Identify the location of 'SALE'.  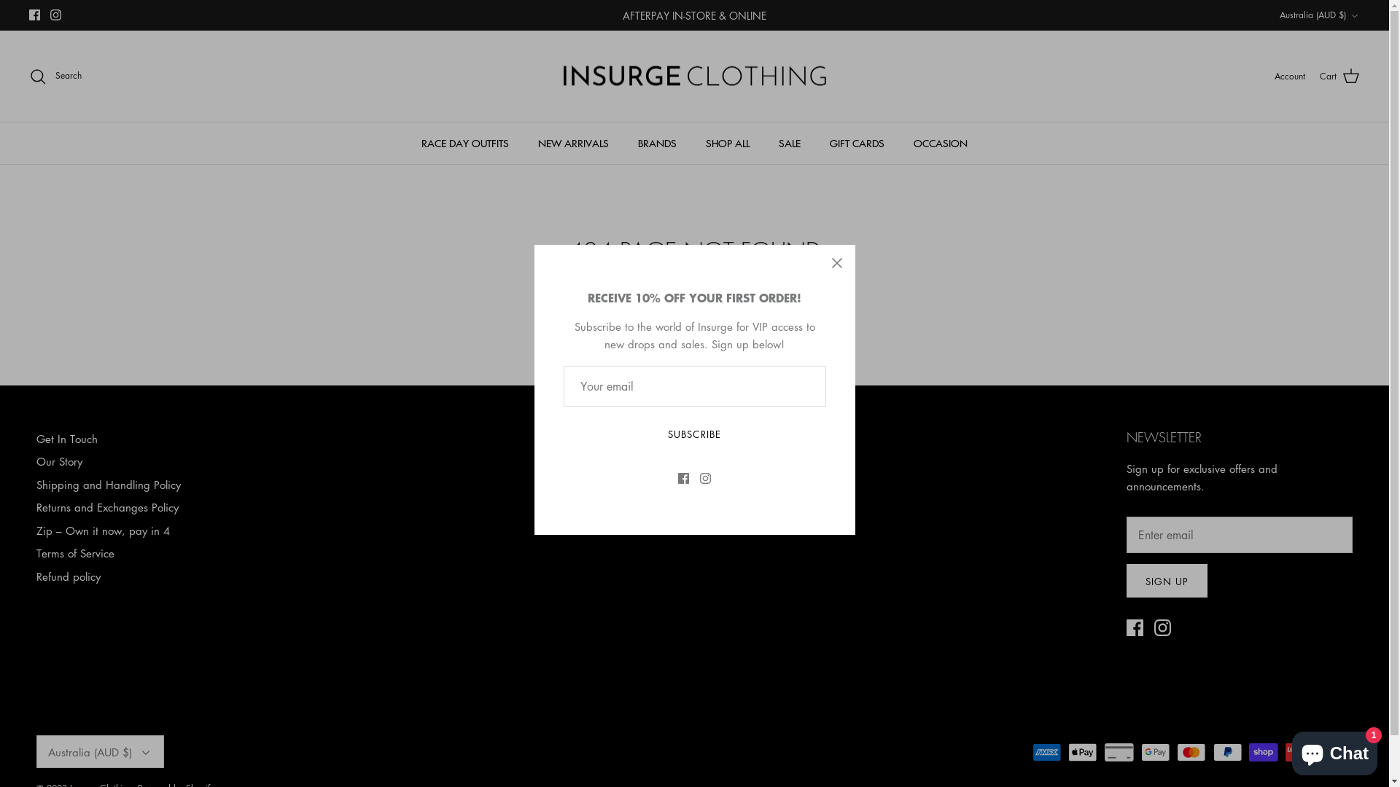
(789, 143).